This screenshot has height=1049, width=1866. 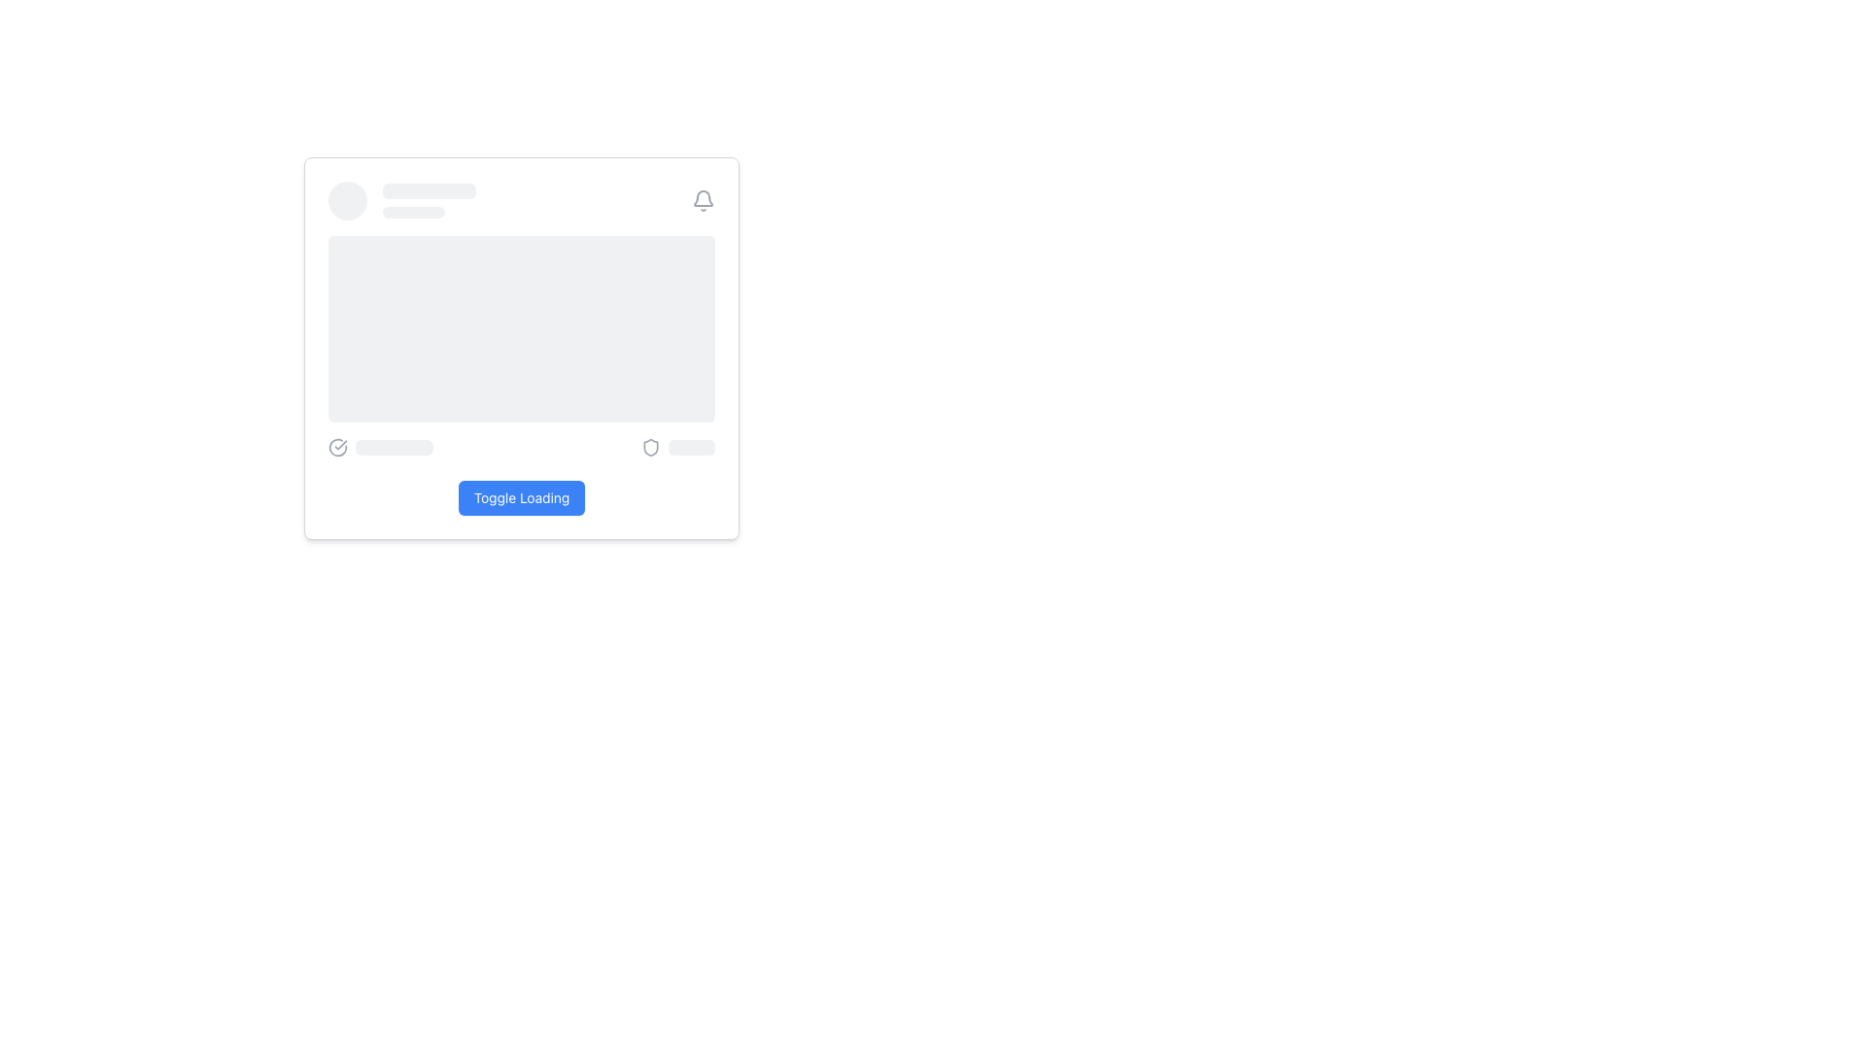 I want to click on the animation of the Placeholder rectangle located to the right of the circular checkmark icon with a light gray outline, so click(x=394, y=448).